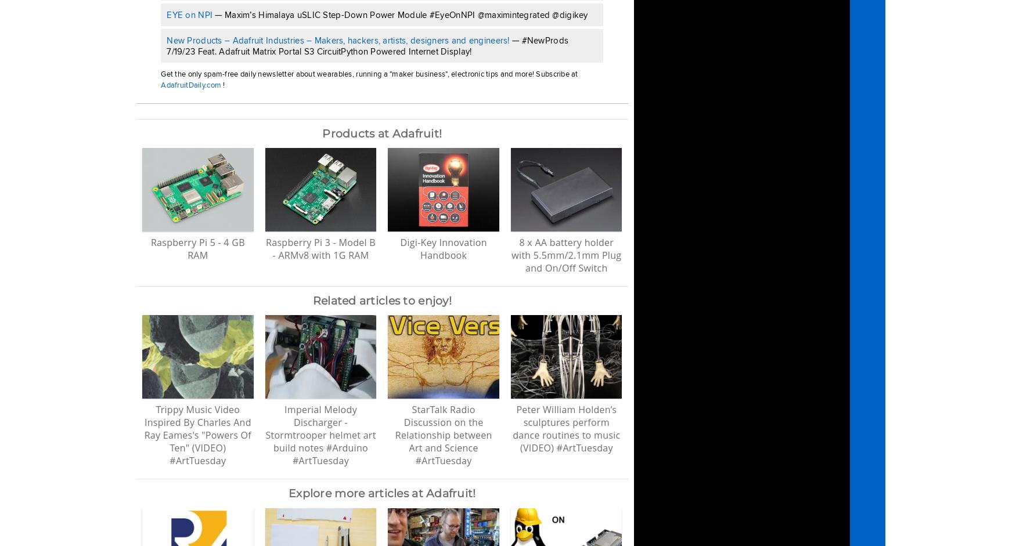  What do you see at coordinates (566, 428) in the screenshot?
I see `'Peter William Holden’s sculptures perform dance routines to music (VIDEO) #ArtTuesday'` at bounding box center [566, 428].